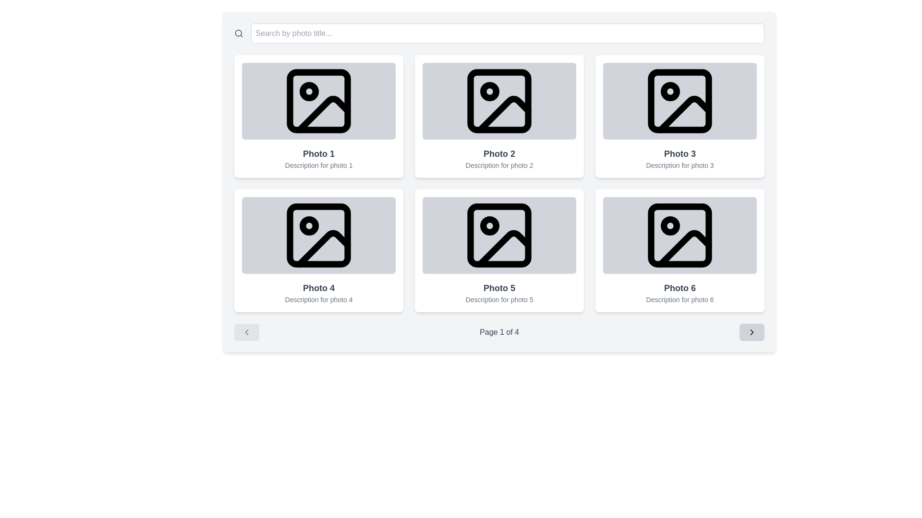  Describe the element at coordinates (246, 332) in the screenshot. I see `the left-facing chevron arrow icon` at that location.